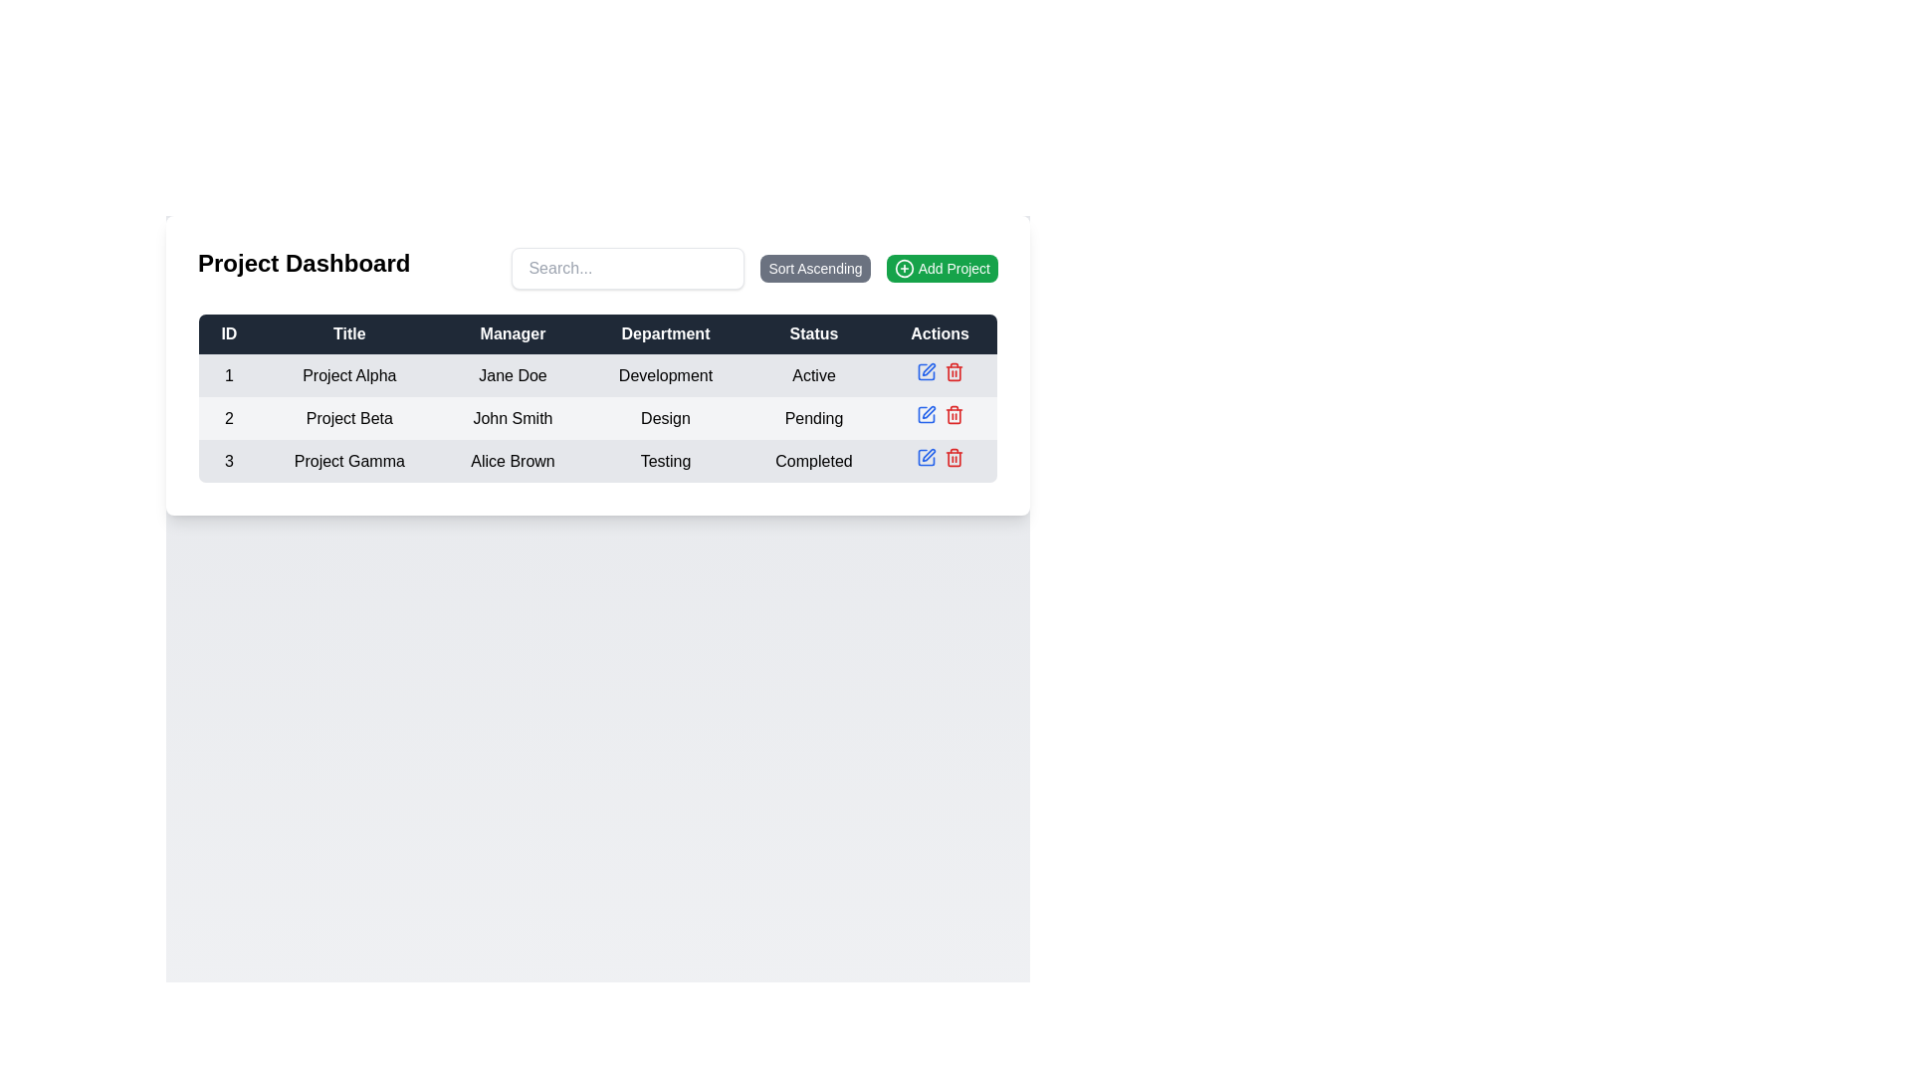 The height and width of the screenshot is (1075, 1911). I want to click on the text label displaying 'Project Alpha' which is located in the second column of the first row in a table-like structure, so click(349, 375).